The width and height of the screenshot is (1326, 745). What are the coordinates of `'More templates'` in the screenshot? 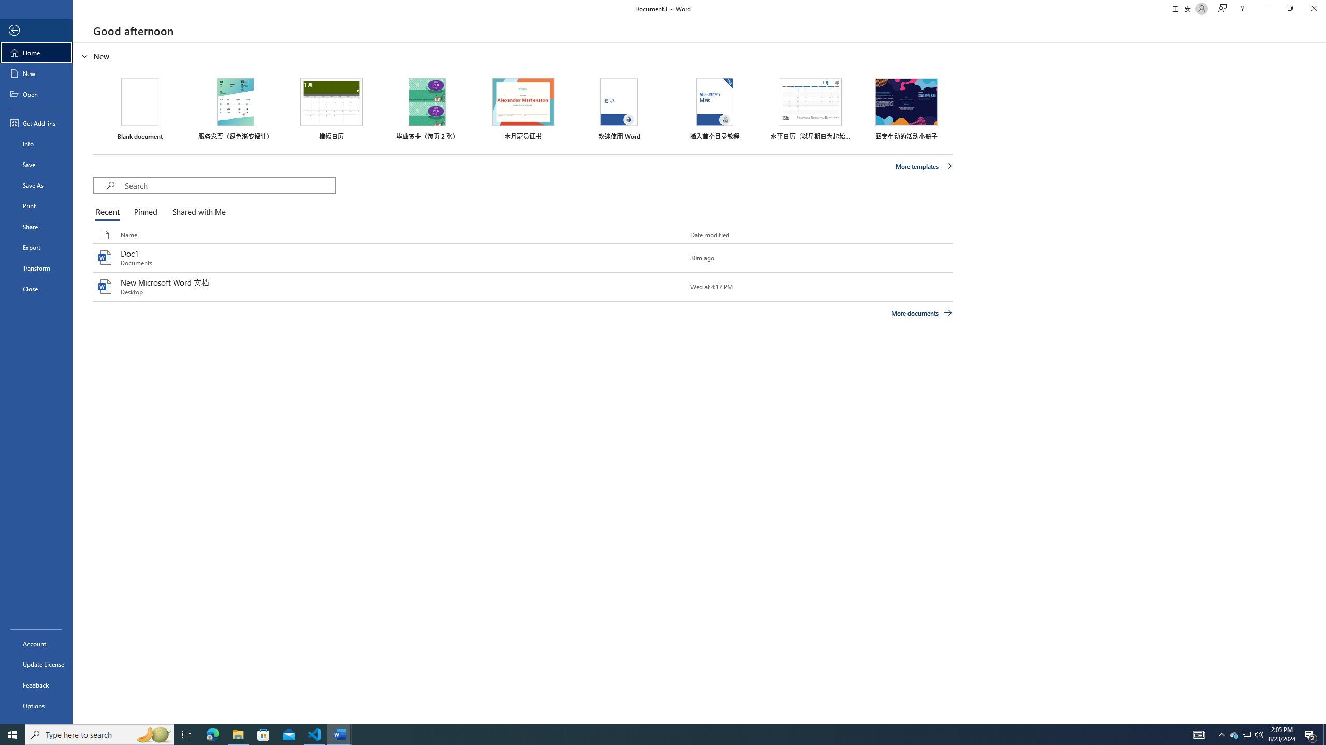 It's located at (924, 166).